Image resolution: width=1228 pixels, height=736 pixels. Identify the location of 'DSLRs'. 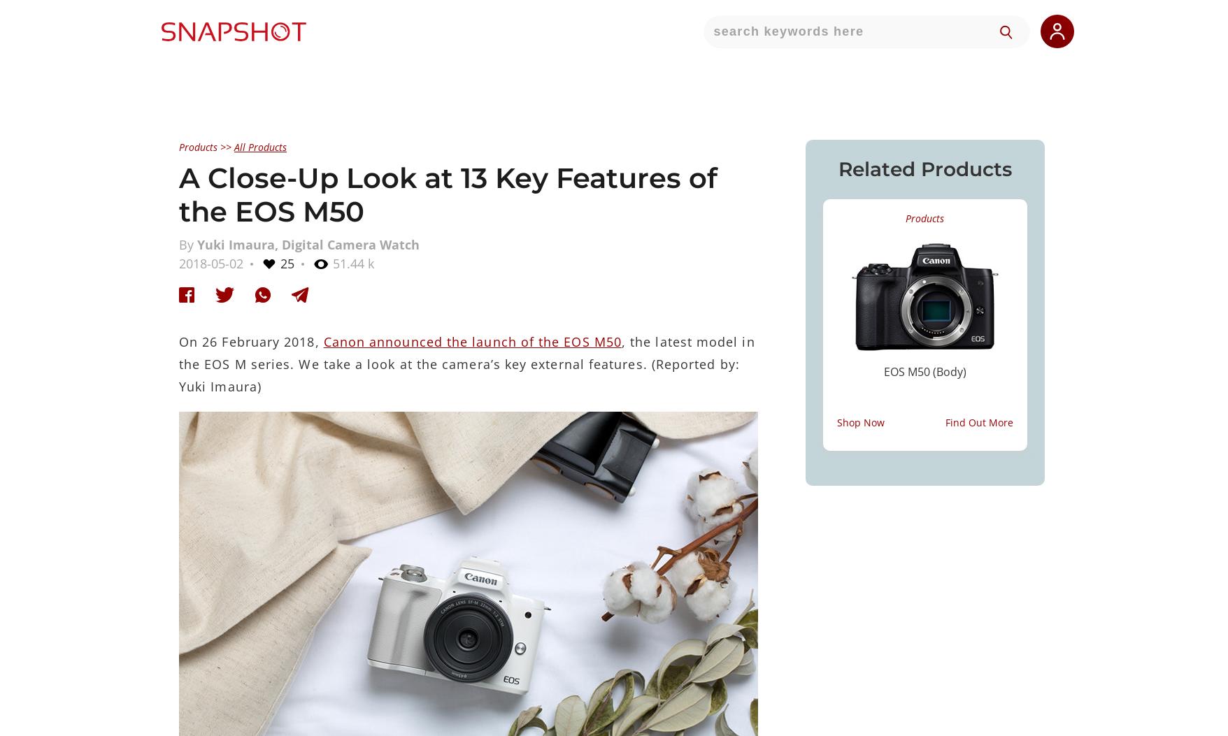
(487, 289).